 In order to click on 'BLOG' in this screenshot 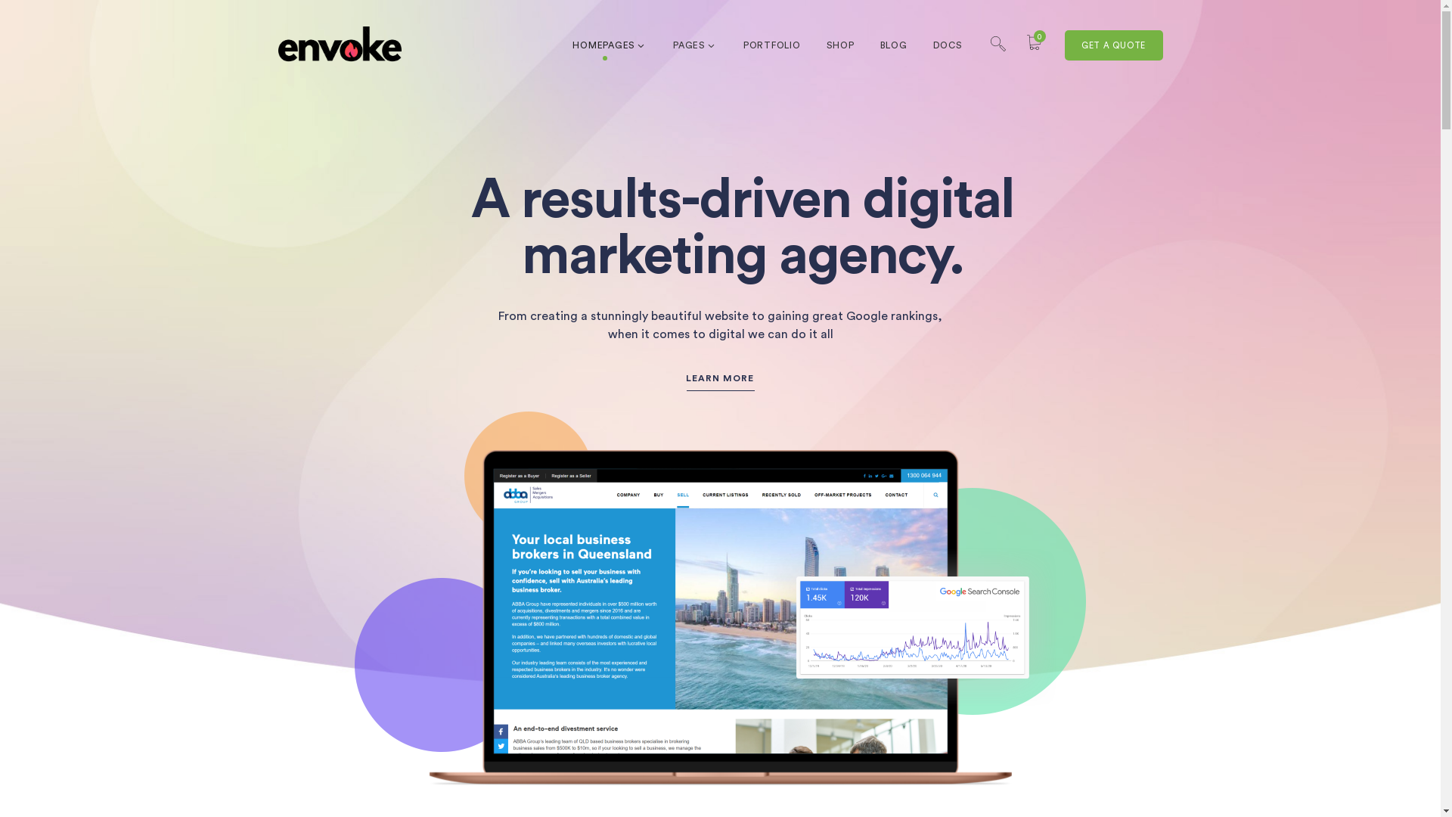, I will do `click(893, 45)`.